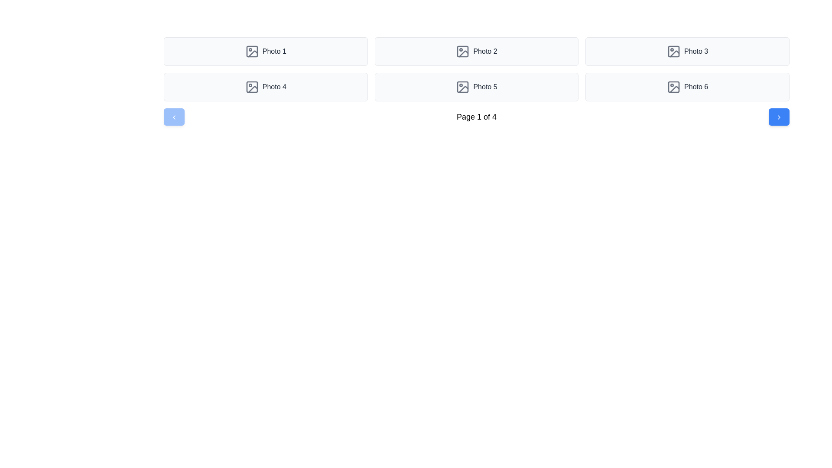 This screenshot has height=468, width=832. I want to click on the decorative graphic element, a rounded square within the icon representing photo 2 in the photo grid, located in the top row, second column, so click(462, 52).